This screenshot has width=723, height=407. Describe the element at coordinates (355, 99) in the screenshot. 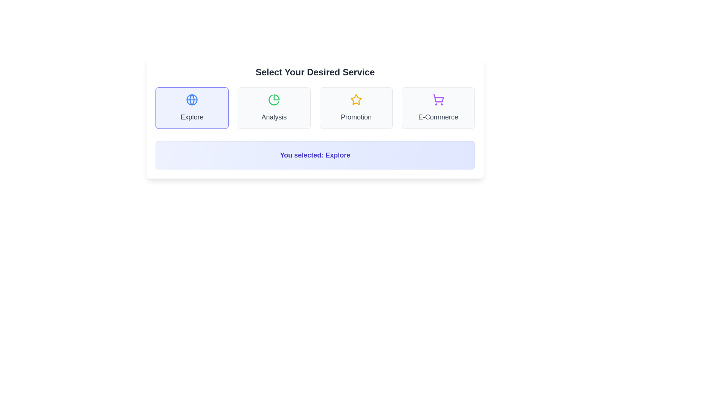

I see `the yellow star icon outlined in orange, which is located at the center of the 'Promotion' button, the third button in the horizontal list` at that location.